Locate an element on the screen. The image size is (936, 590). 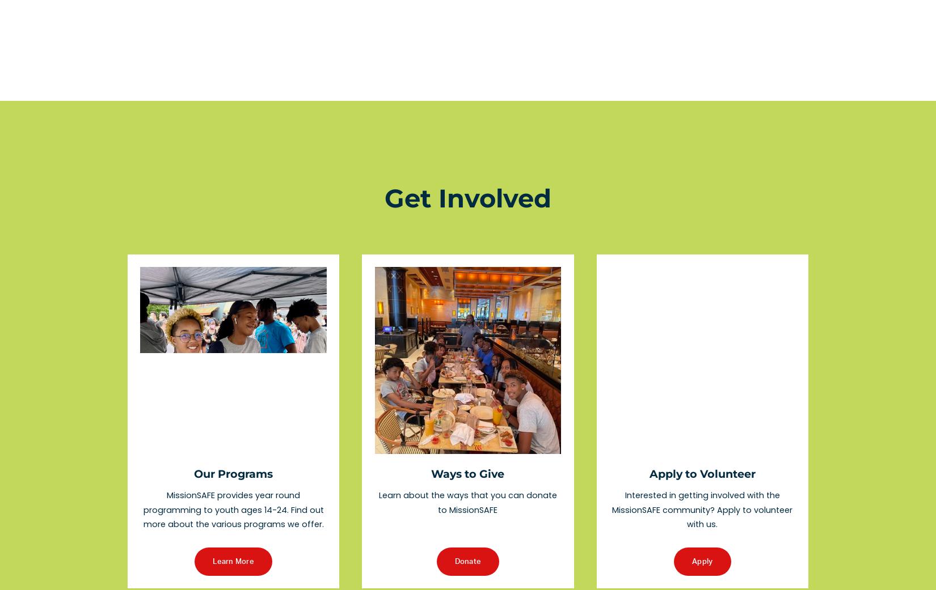
'Apply to Volunteer' is located at coordinates (702, 472).